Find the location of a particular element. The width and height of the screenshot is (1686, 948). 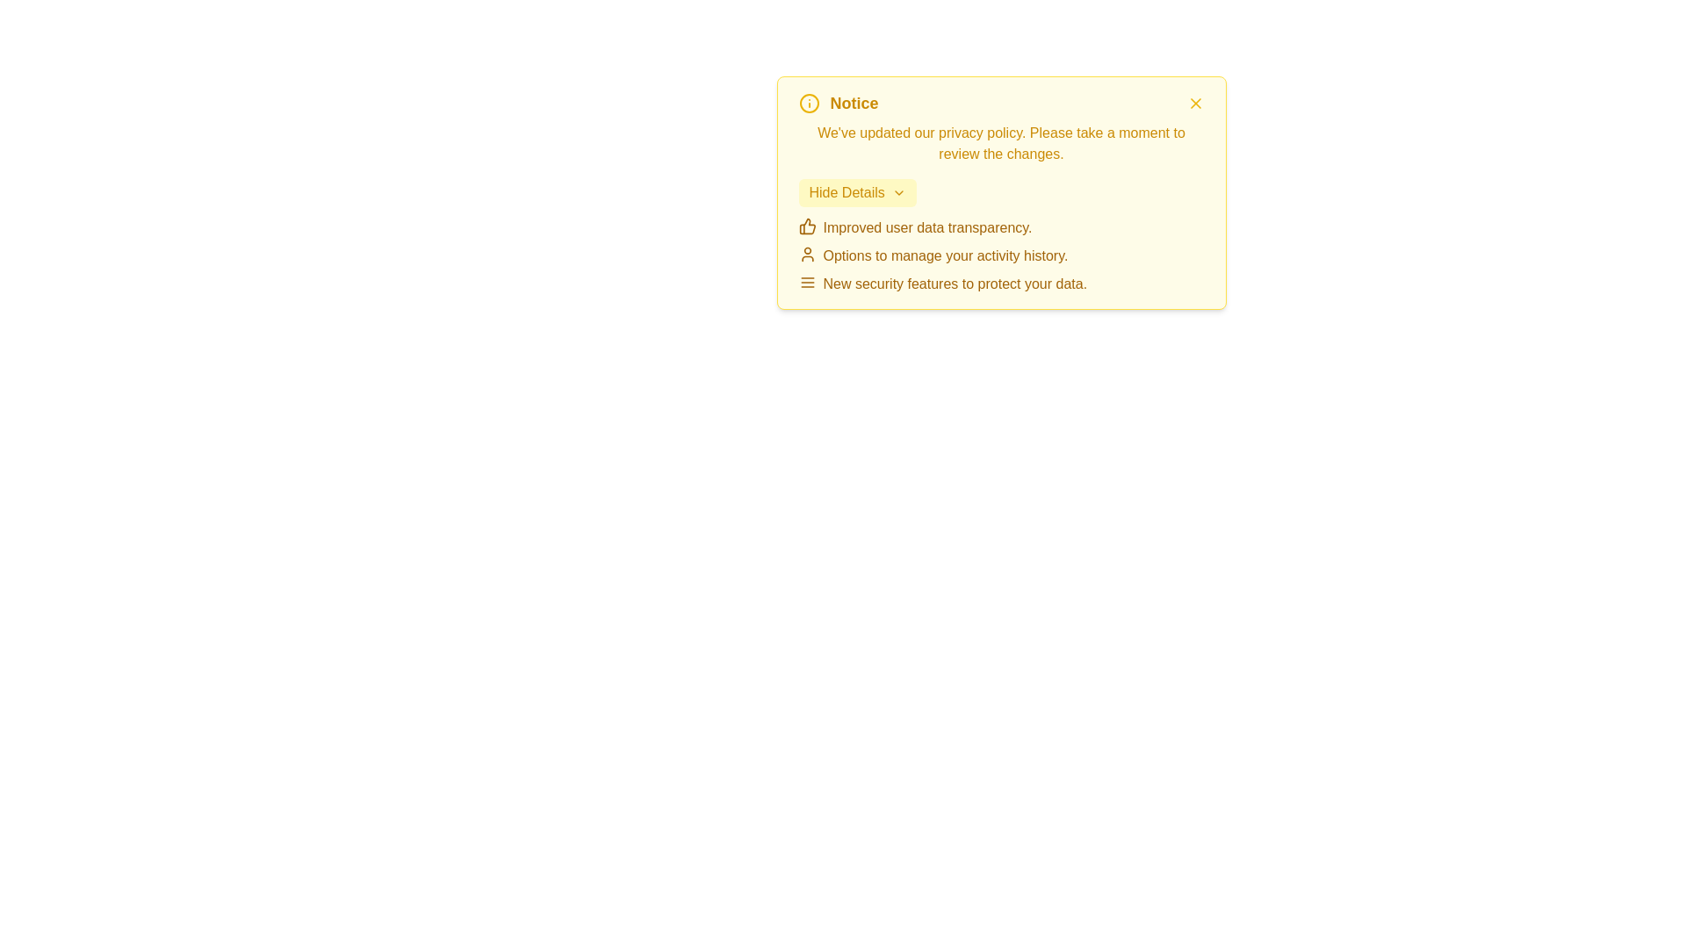

the text element providing information about managing activity history, which is the second item in a vertical list within a yellow notification box is located at coordinates (1001, 256).